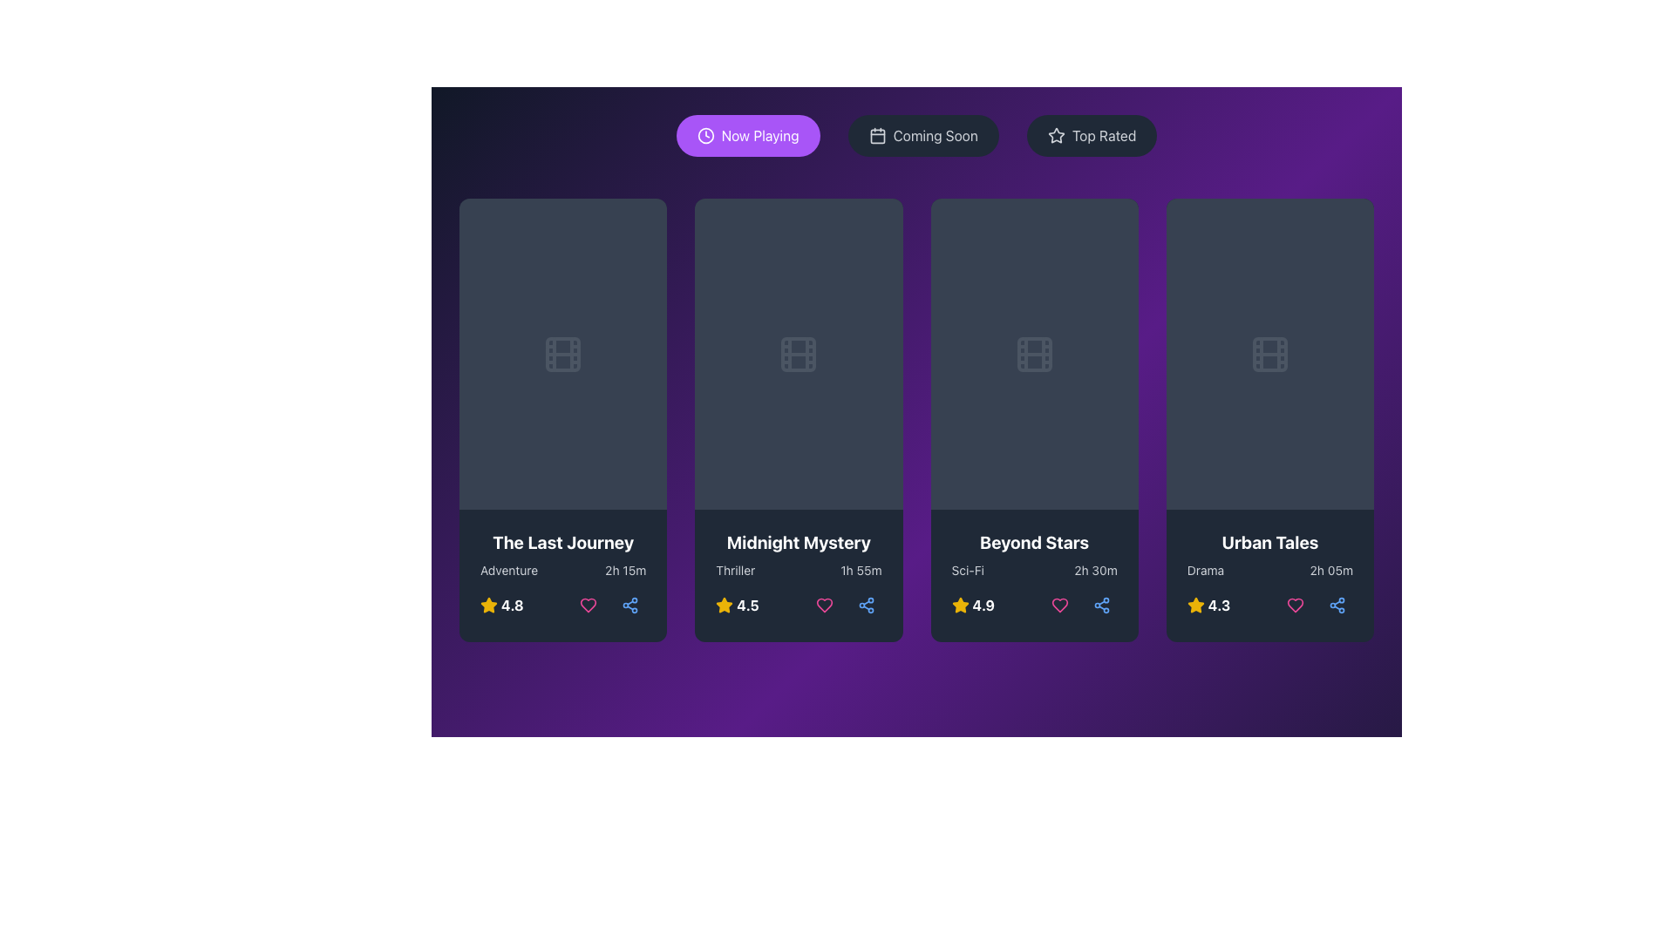 The height and width of the screenshot is (941, 1674). What do you see at coordinates (1100, 605) in the screenshot?
I see `the 'Share' button (Icon Button) located at the far right below the 'Beyond Stars' movie card to share content` at bounding box center [1100, 605].